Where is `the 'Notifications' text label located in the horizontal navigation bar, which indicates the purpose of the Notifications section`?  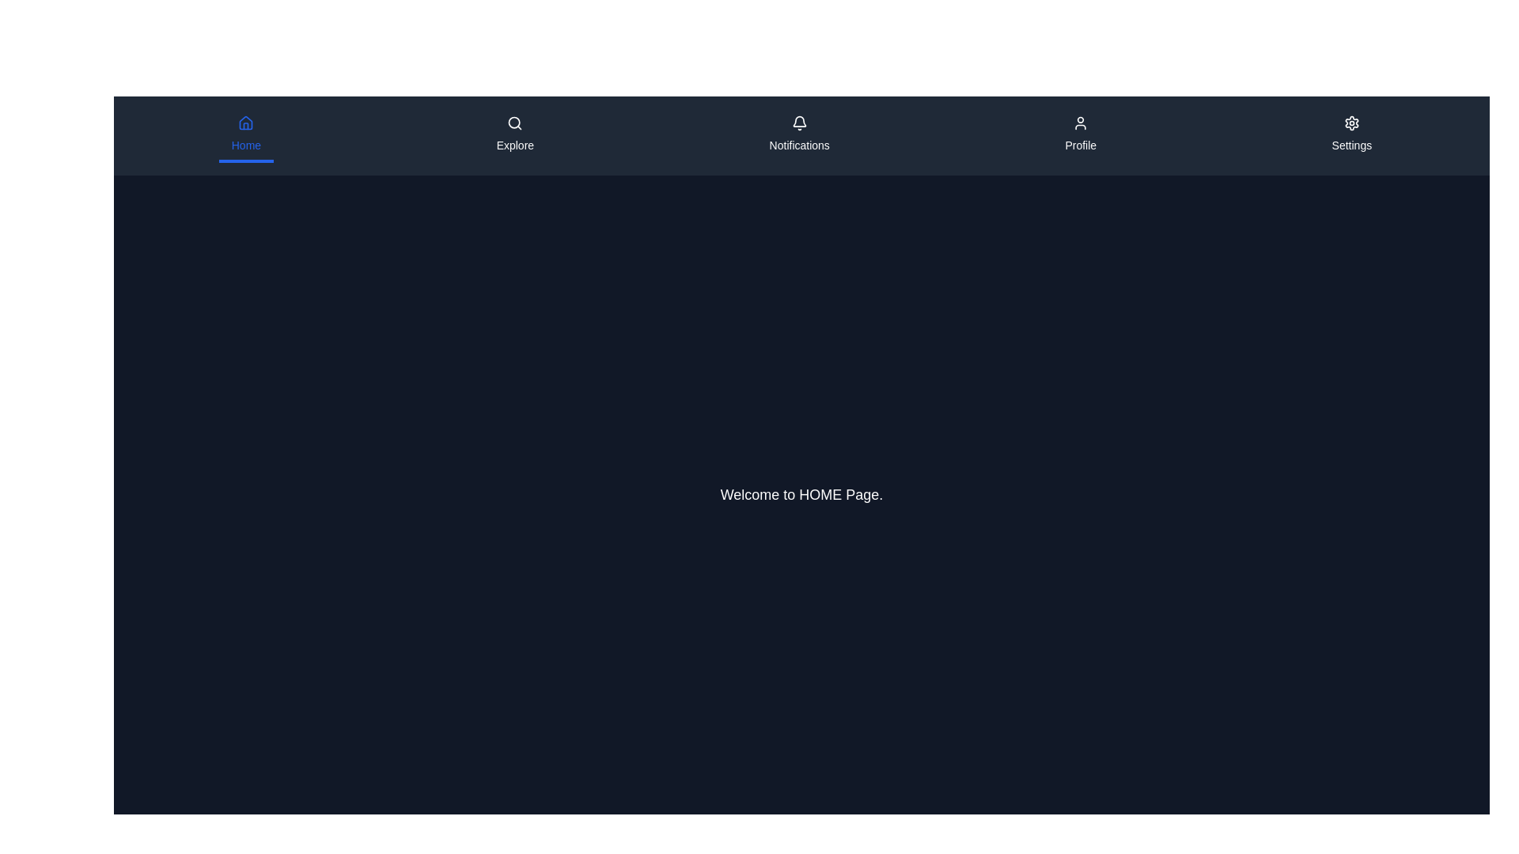 the 'Notifications' text label located in the horizontal navigation bar, which indicates the purpose of the Notifications section is located at coordinates (799, 145).